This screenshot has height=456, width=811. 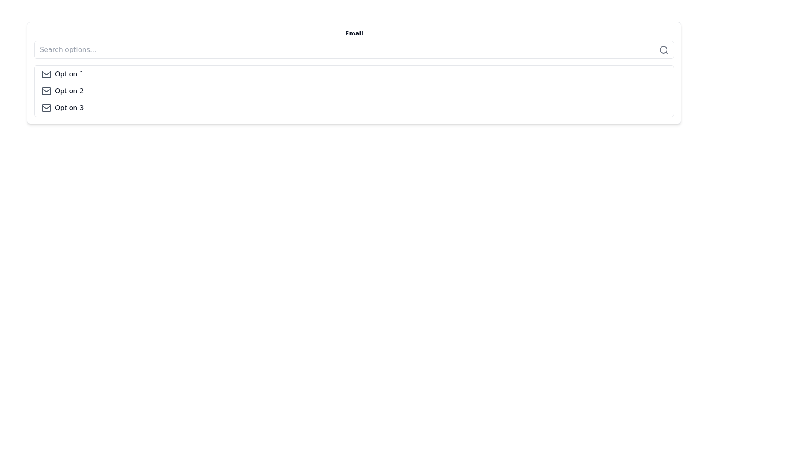 I want to click on the email or message icon that visually represents 'Option 1', positioned to the left of the text, so click(x=46, y=74).